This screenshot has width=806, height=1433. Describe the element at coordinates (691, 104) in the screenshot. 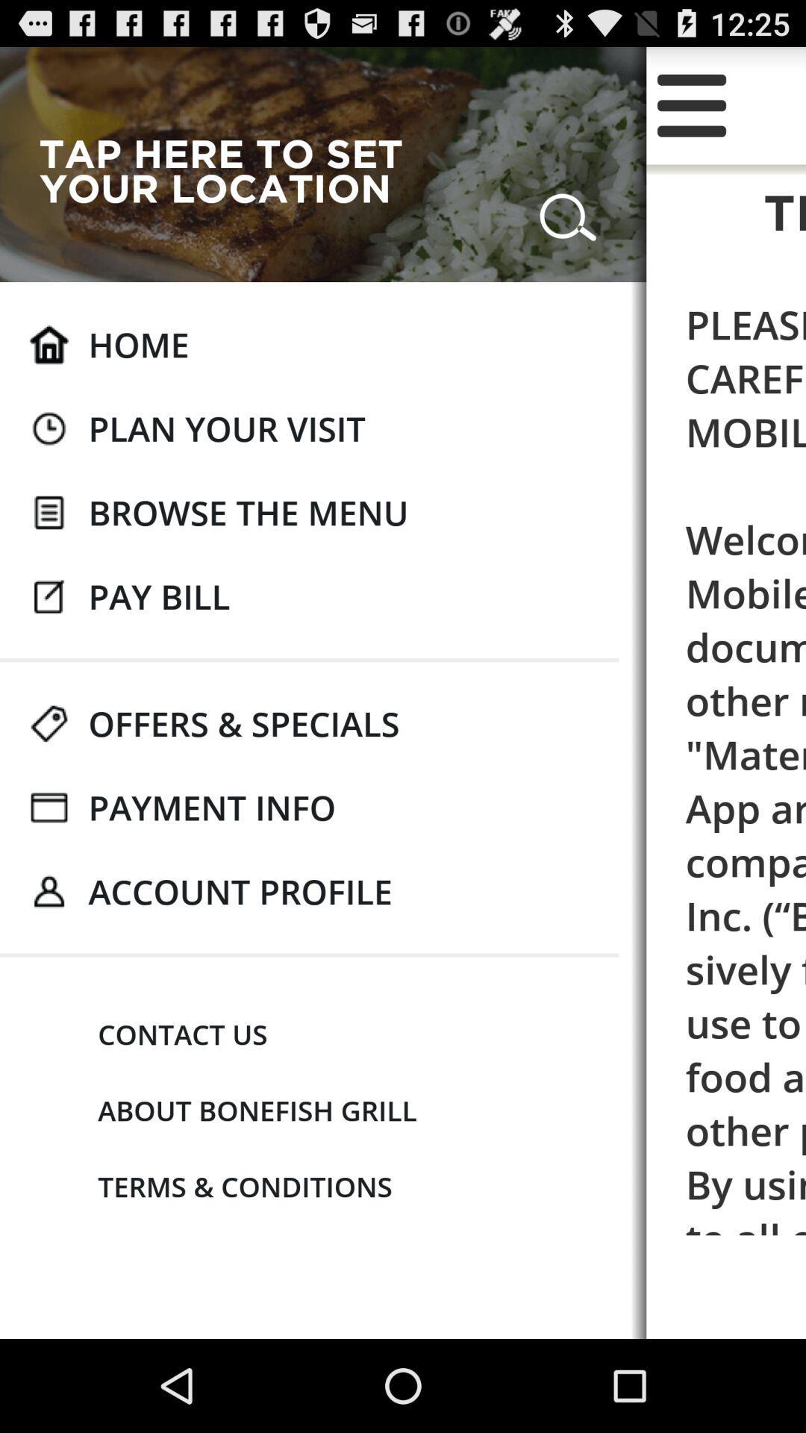

I see `y icon` at that location.